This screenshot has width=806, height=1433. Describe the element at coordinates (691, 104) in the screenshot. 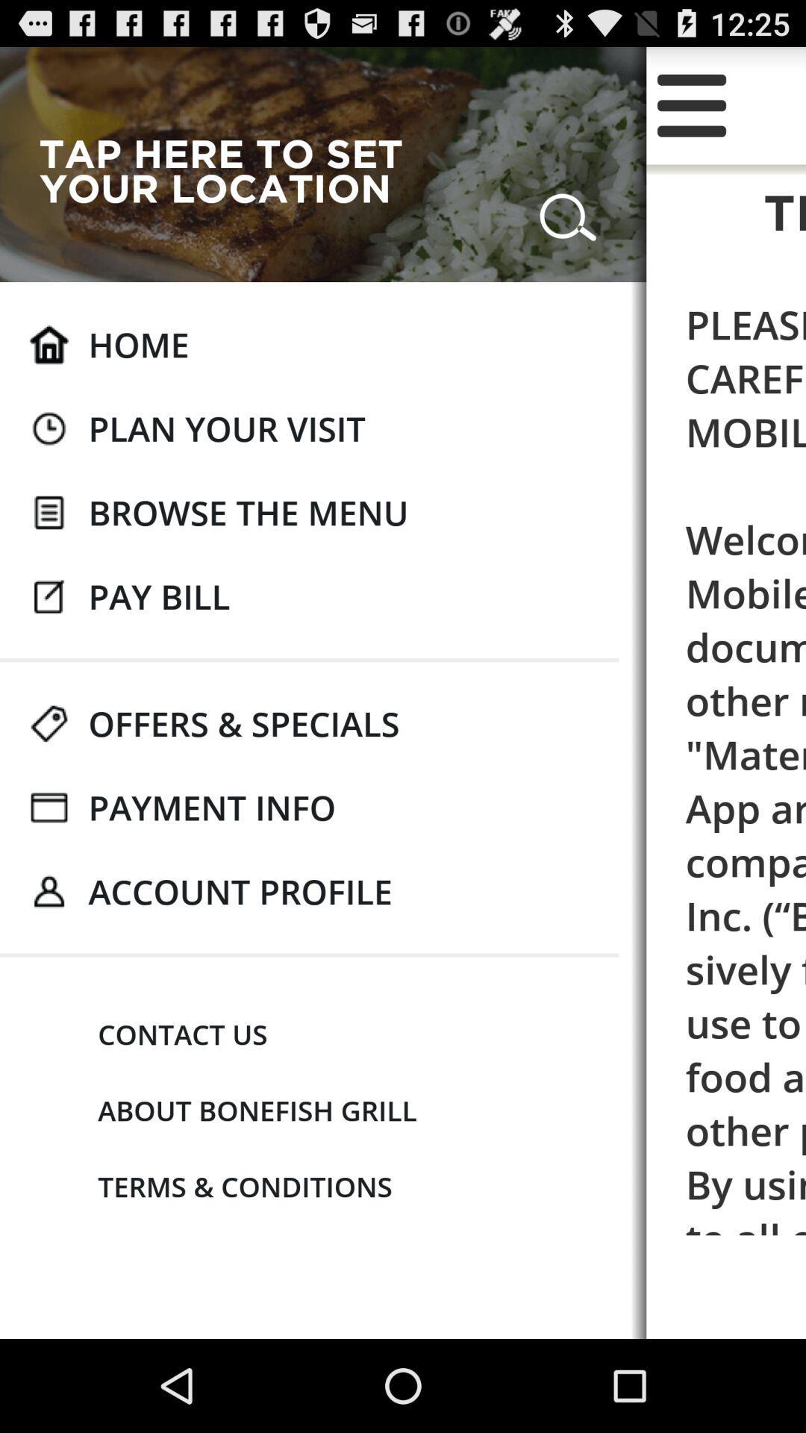

I see `y icon` at that location.